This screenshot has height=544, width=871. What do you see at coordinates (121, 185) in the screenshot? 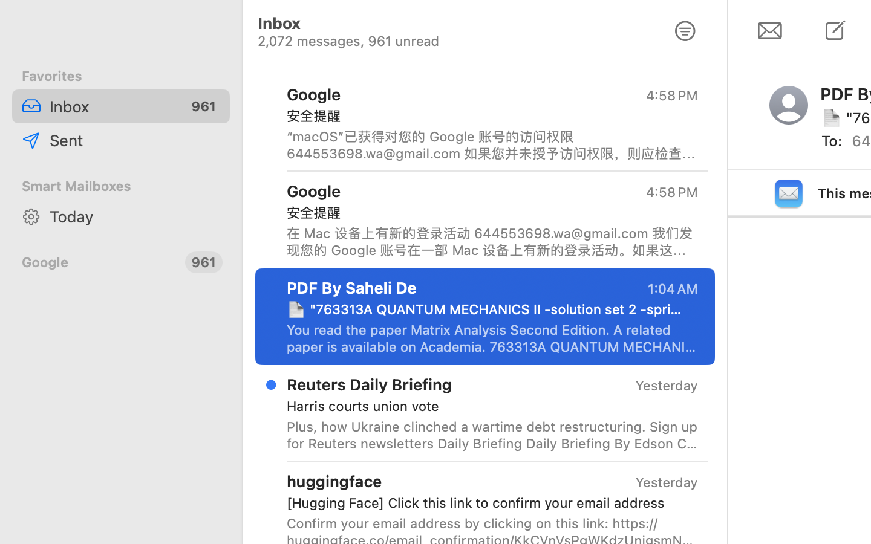
I see `'Smart Mailboxes'` at bounding box center [121, 185].